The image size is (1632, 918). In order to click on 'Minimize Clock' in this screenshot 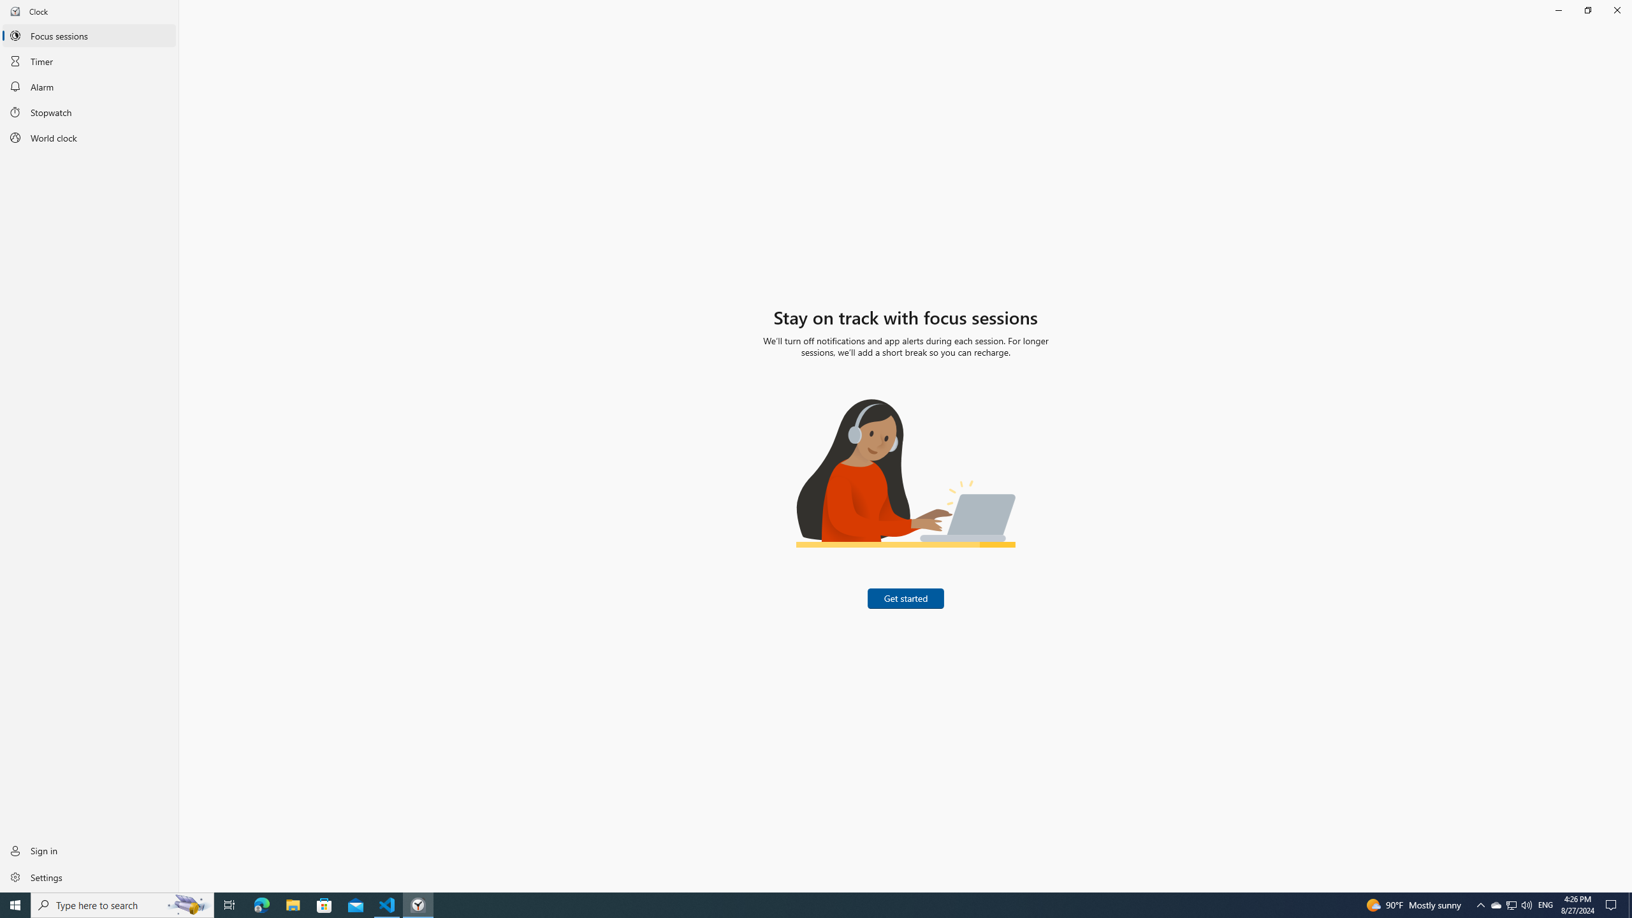, I will do `click(1557, 10)`.